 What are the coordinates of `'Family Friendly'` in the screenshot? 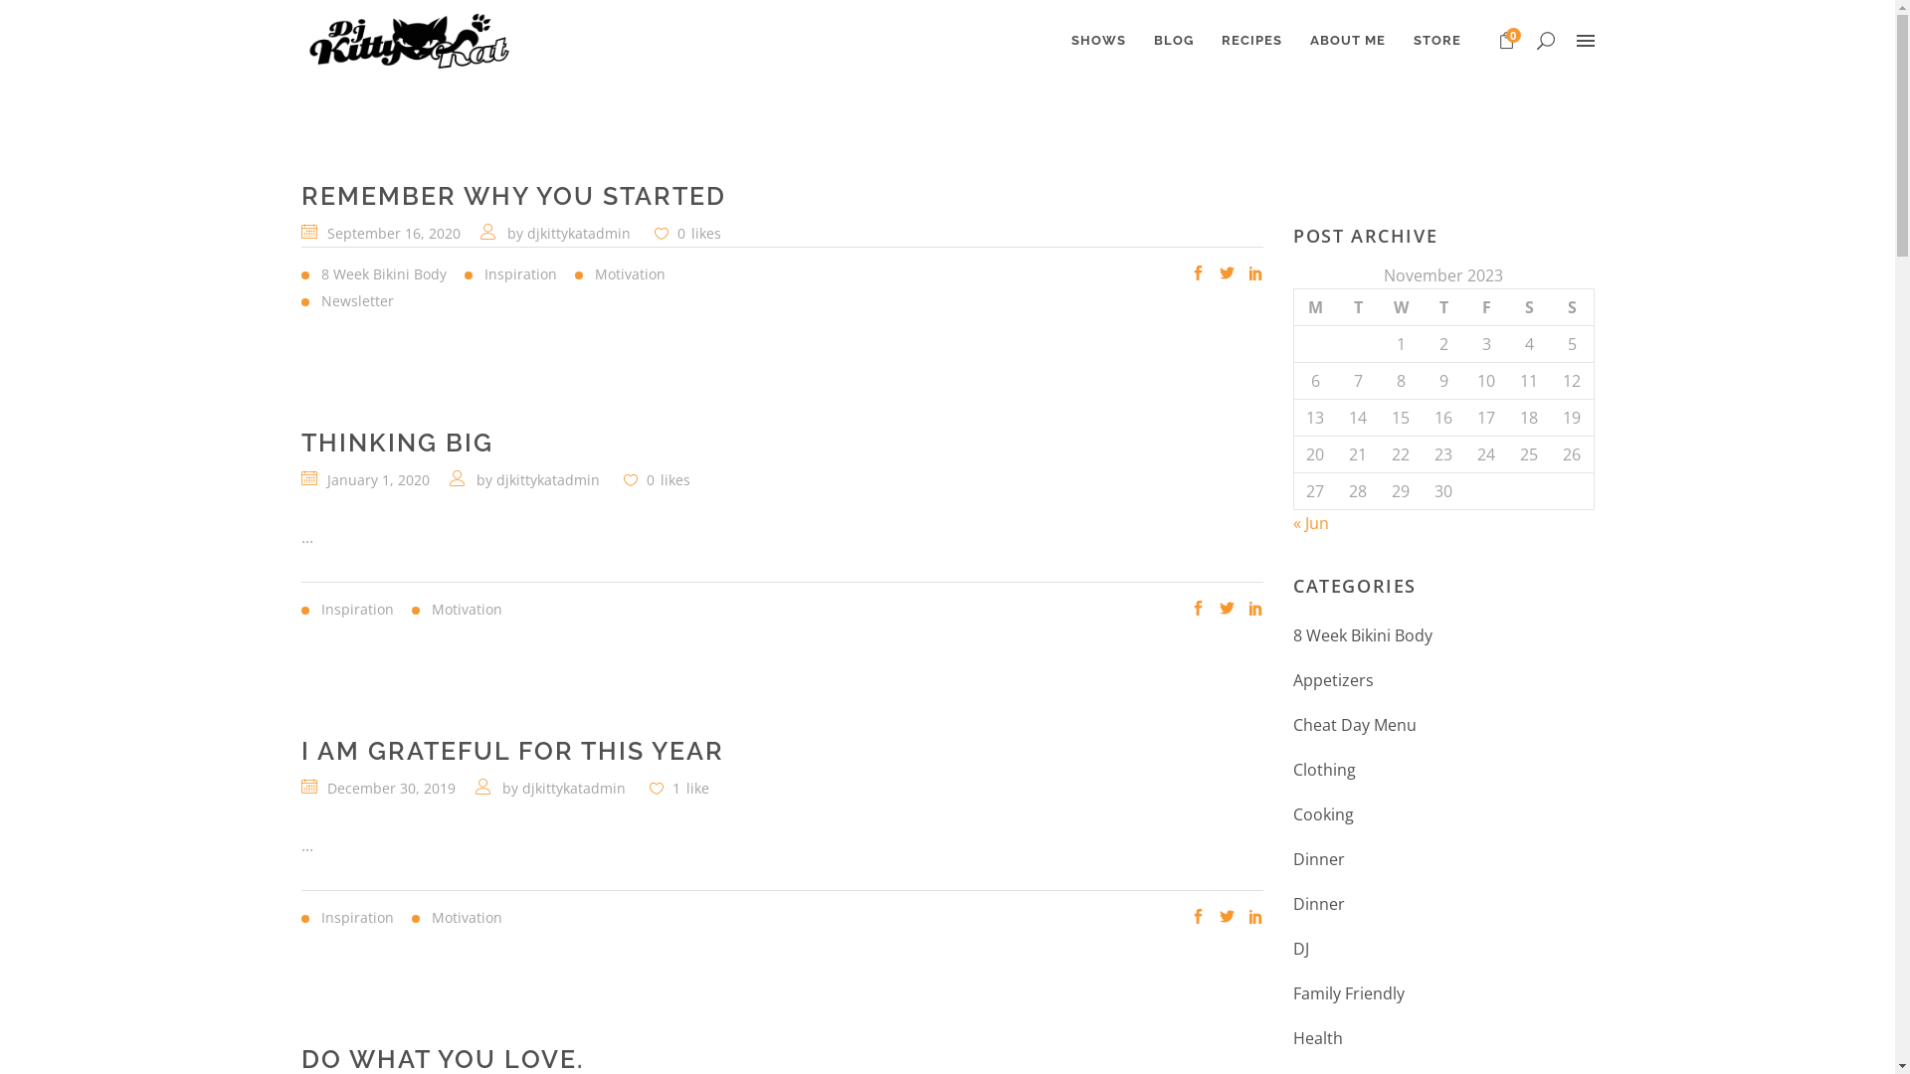 It's located at (1349, 993).